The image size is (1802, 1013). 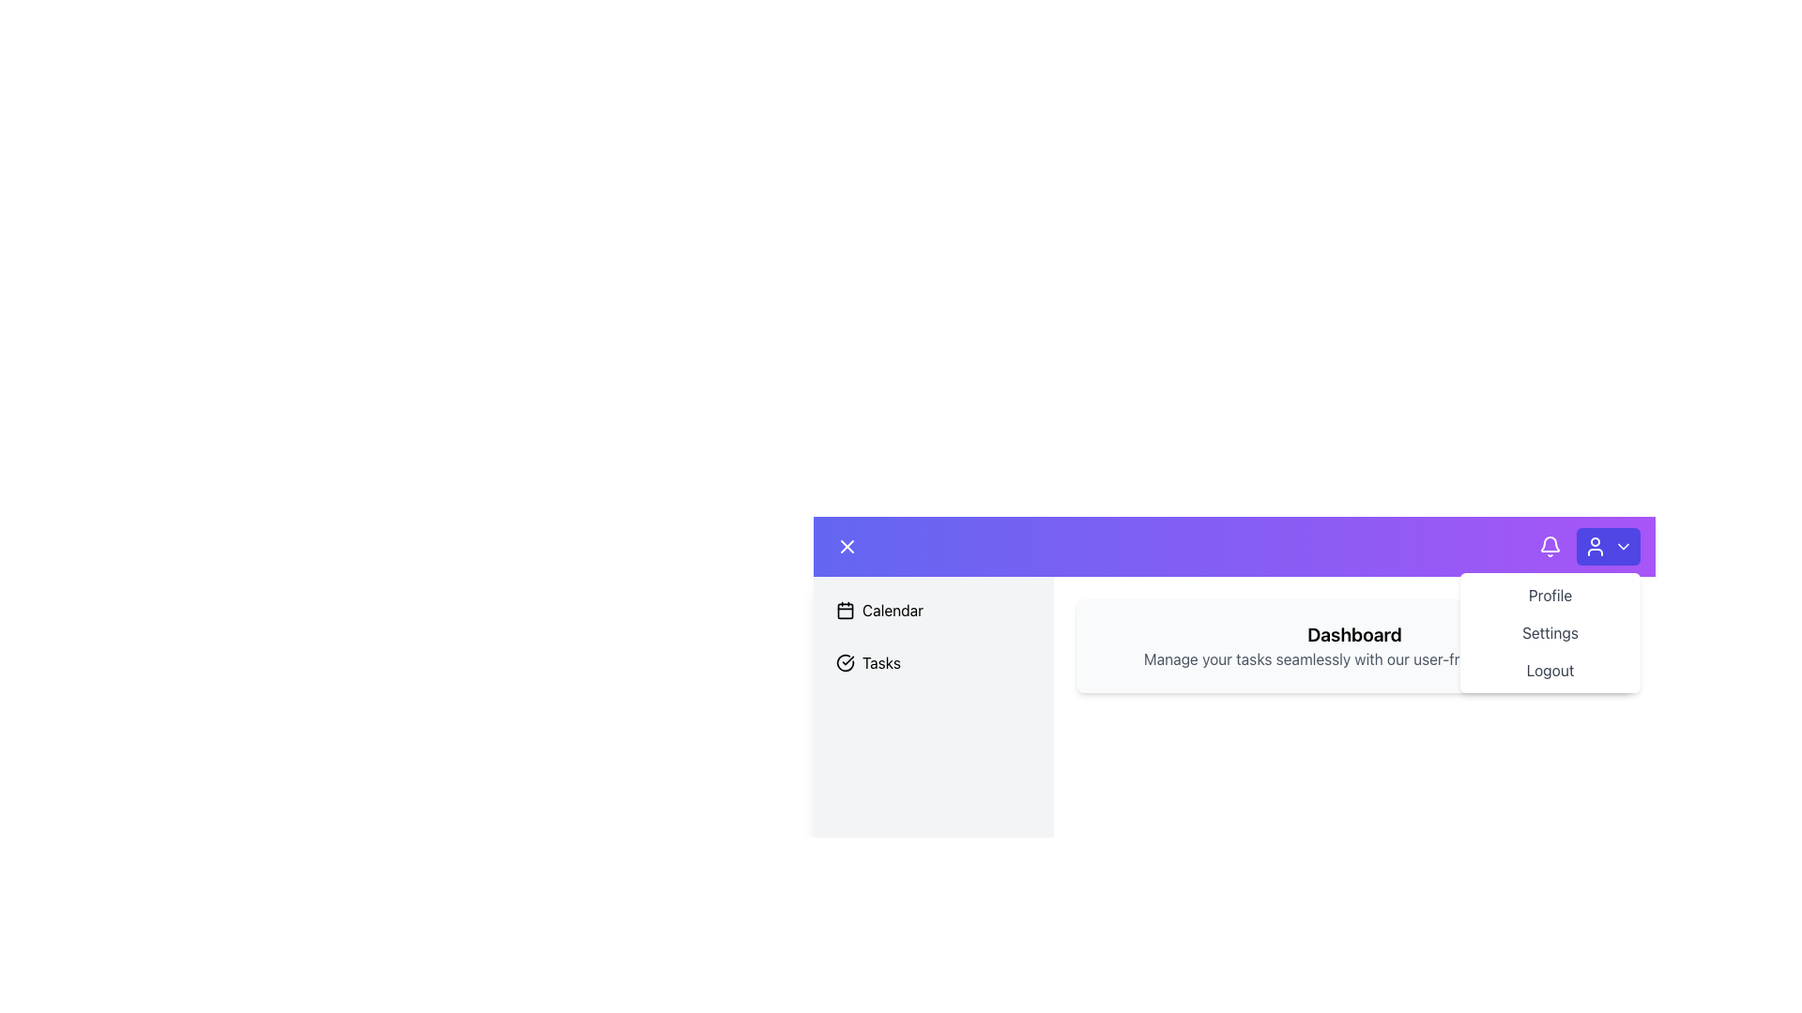 I want to click on the square button with a gradient background and a white 'X' icon, so click(x=846, y=546).